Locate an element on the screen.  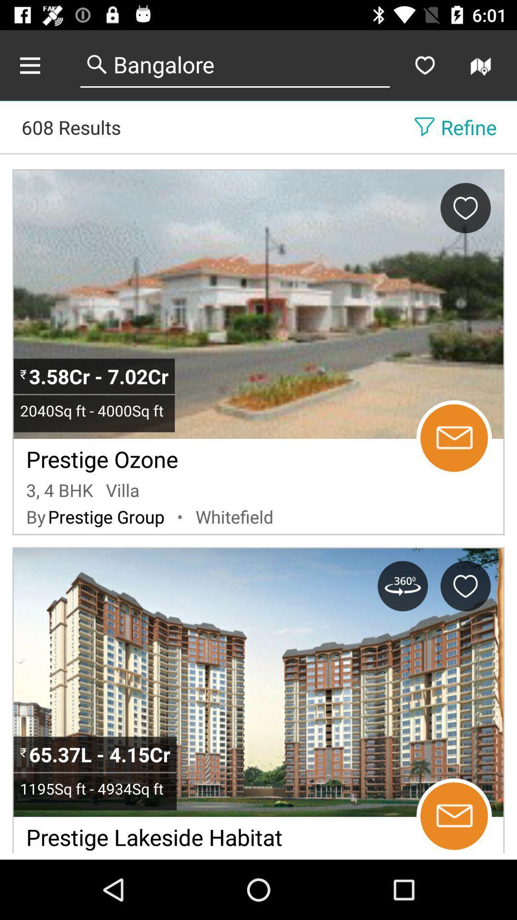
email this is located at coordinates (453, 816).